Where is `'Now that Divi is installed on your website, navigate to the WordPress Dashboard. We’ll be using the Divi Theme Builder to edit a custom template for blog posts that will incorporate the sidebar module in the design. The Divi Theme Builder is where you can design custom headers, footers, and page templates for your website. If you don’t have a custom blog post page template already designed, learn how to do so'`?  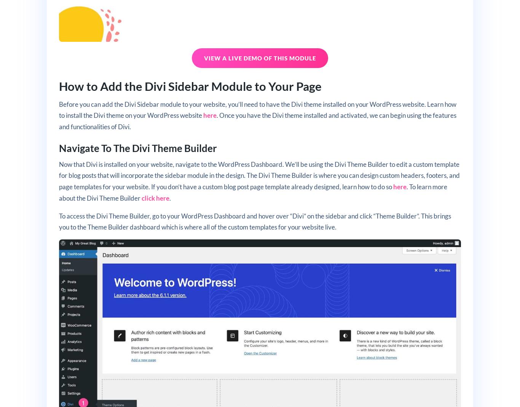 'Now that Divi is installed on your website, navigate to the WordPress Dashboard. We’ll be using the Divi Theme Builder to edit a custom template for blog posts that will incorporate the sidebar module in the design. The Divi Theme Builder is where you can design custom headers, footers, and page templates for your website. If you don’t have a custom blog post page template already designed, learn how to do so' is located at coordinates (58, 175).